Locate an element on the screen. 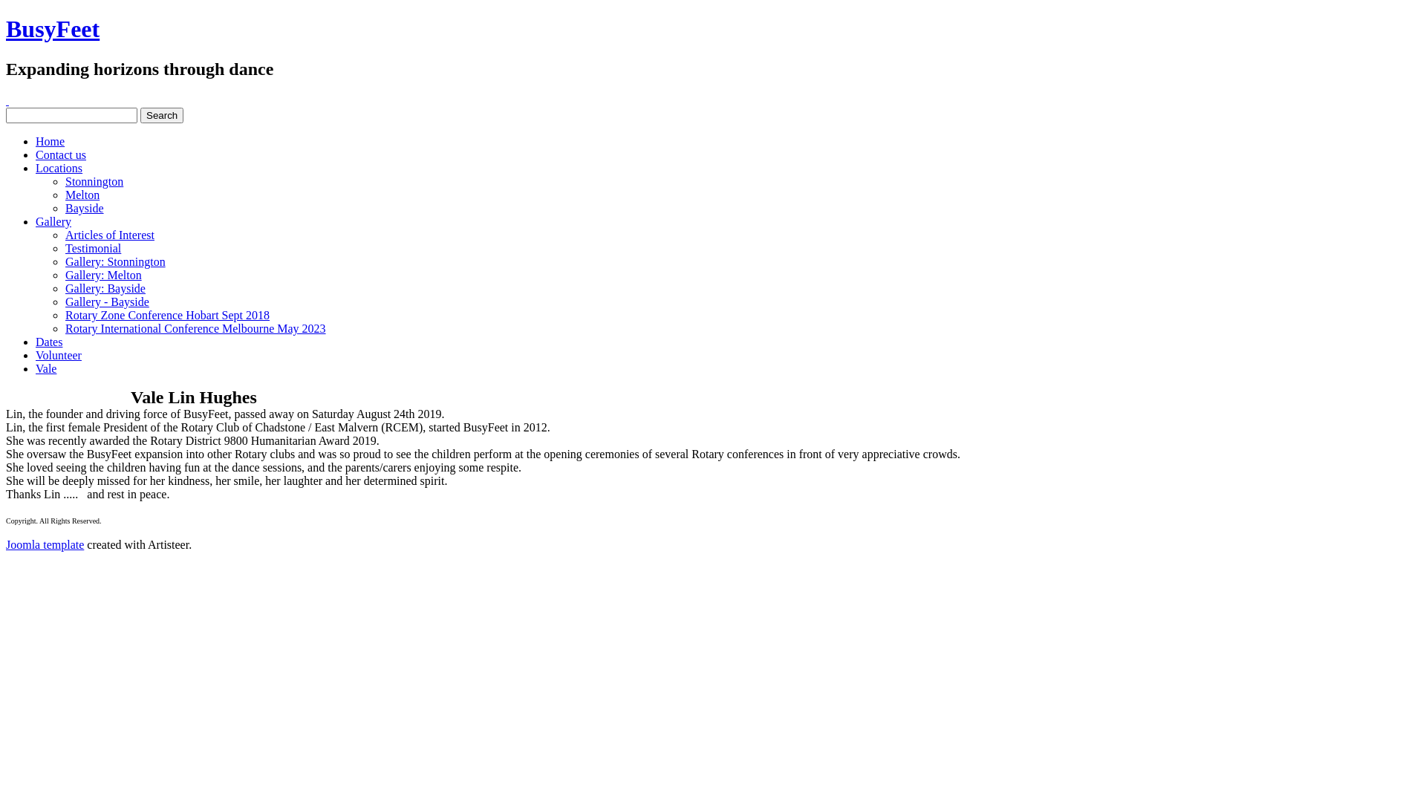  'Search' is located at coordinates (140, 114).